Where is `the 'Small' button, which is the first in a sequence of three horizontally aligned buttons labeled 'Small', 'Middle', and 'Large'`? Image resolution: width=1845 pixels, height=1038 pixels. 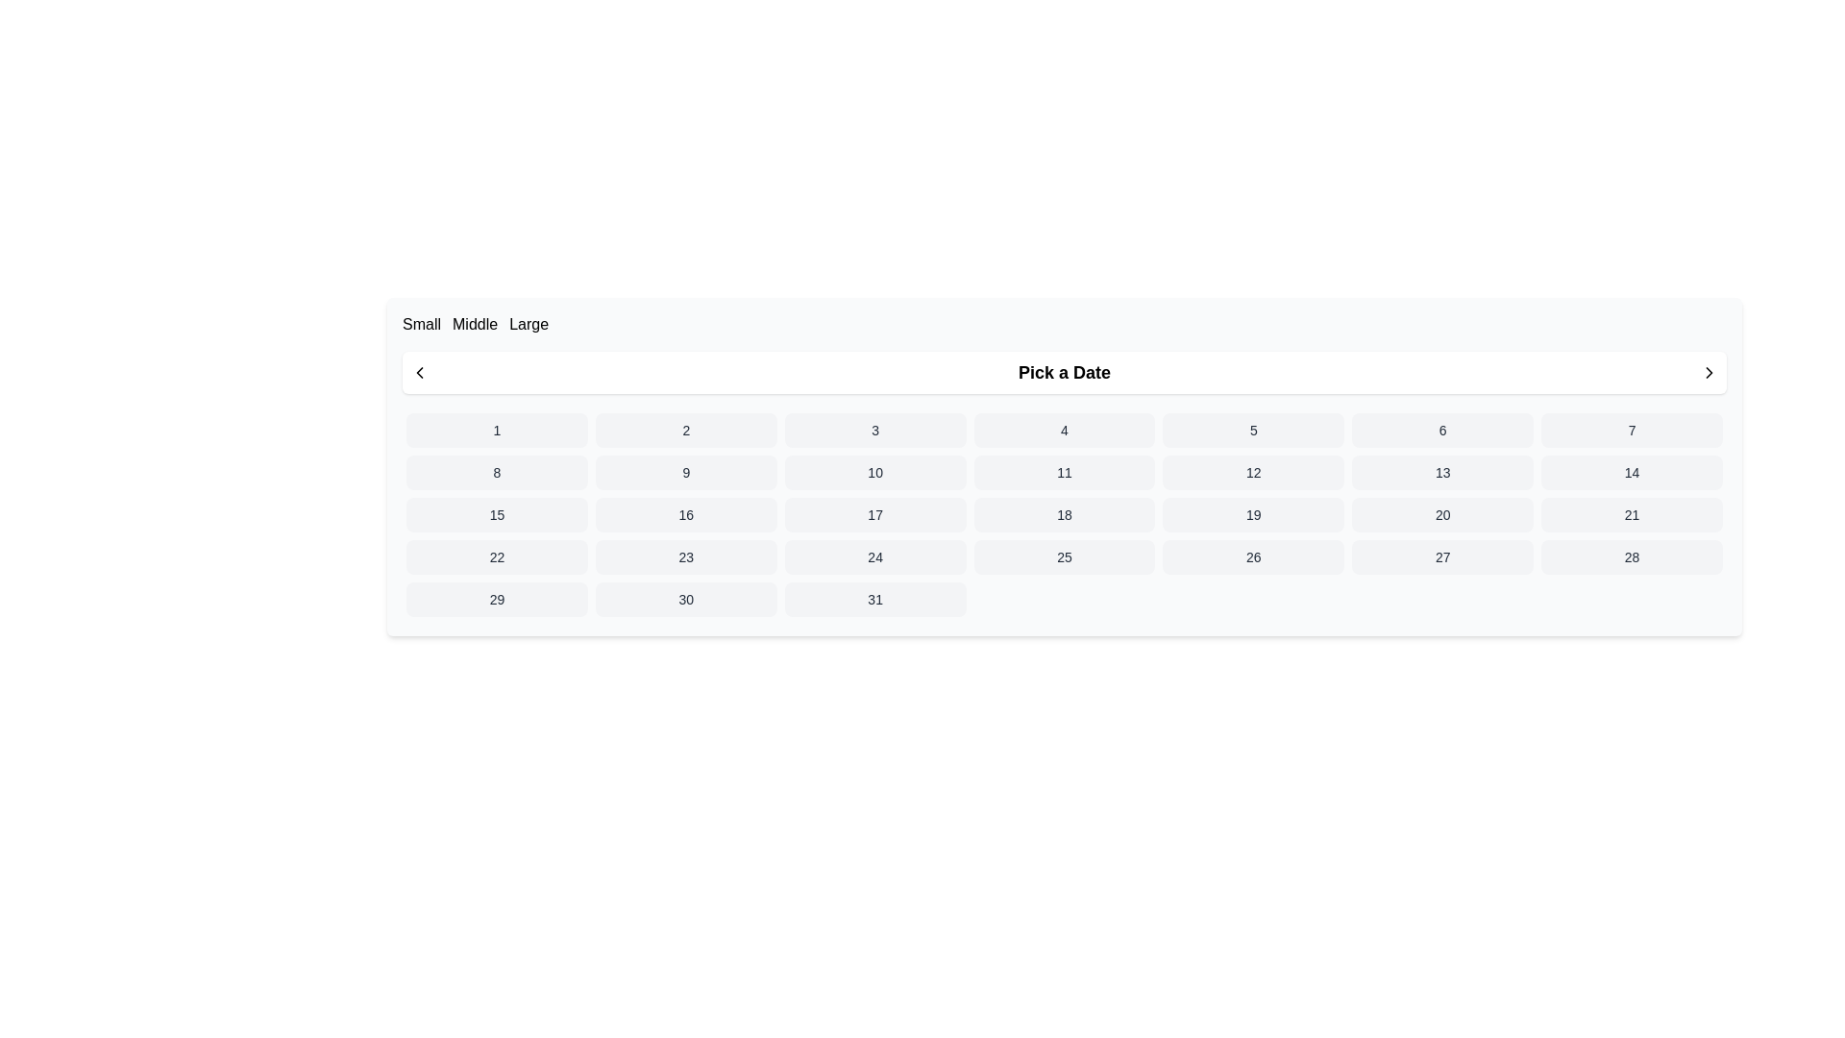
the 'Small' button, which is the first in a sequence of three horizontally aligned buttons labeled 'Small', 'Middle', and 'Large' is located at coordinates (421, 324).